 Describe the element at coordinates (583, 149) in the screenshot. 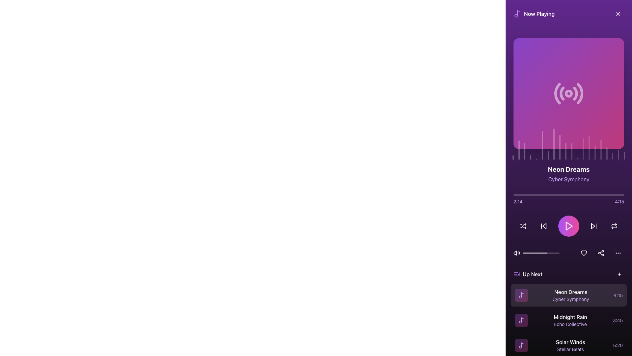

I see `the animation of the Progress Indicator Bar, which is the 13th element in a series of 20 bars displayed horizontally near the bottom of the audio player interface, located below the album artwork and above the track title` at that location.